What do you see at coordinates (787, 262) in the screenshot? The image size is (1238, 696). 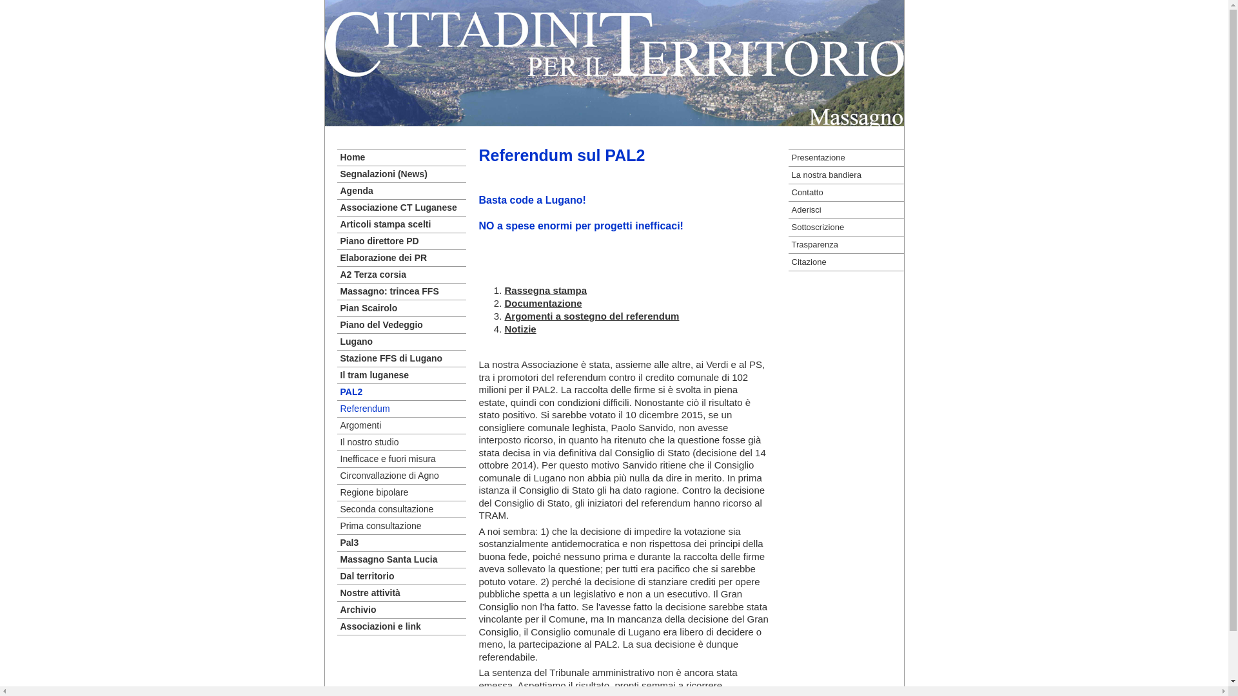 I see `'Citazione'` at bounding box center [787, 262].